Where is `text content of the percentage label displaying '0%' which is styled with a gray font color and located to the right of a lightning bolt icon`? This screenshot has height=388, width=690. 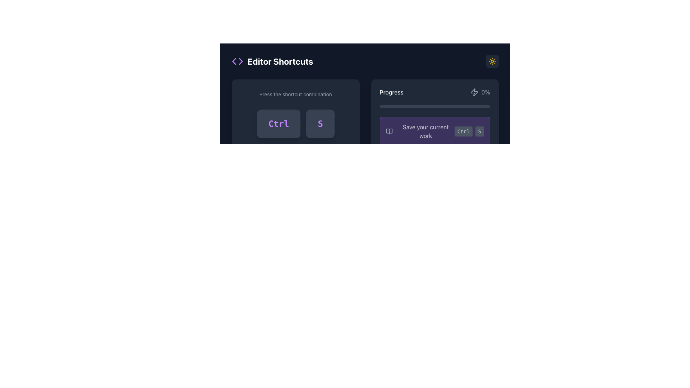
text content of the percentage label displaying '0%' which is styled with a gray font color and located to the right of a lightning bolt icon is located at coordinates (486, 92).